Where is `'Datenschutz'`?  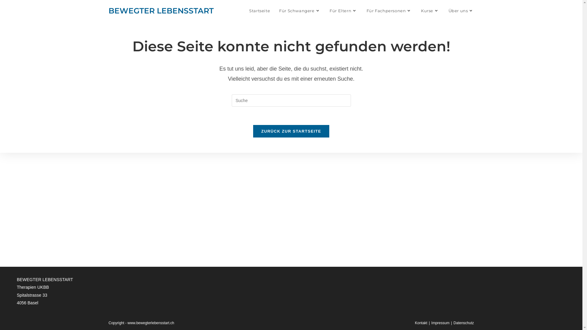 'Datenschutz' is located at coordinates (463, 322).